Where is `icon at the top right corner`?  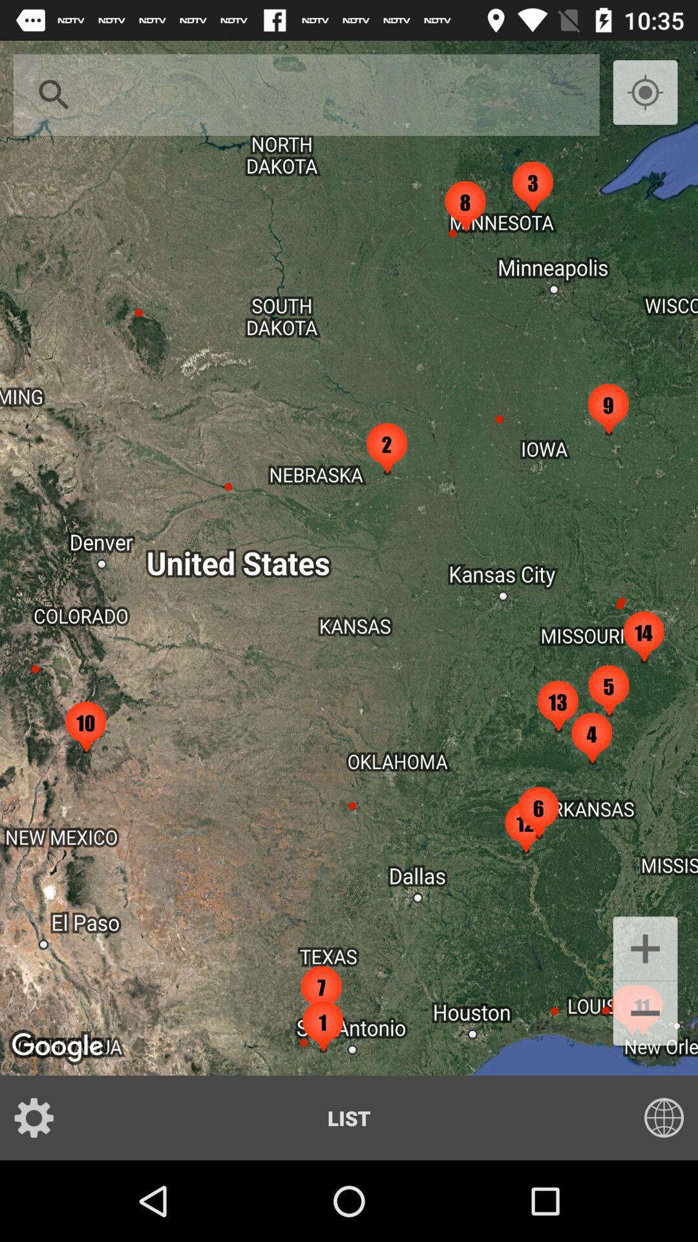
icon at the top right corner is located at coordinates (645, 93).